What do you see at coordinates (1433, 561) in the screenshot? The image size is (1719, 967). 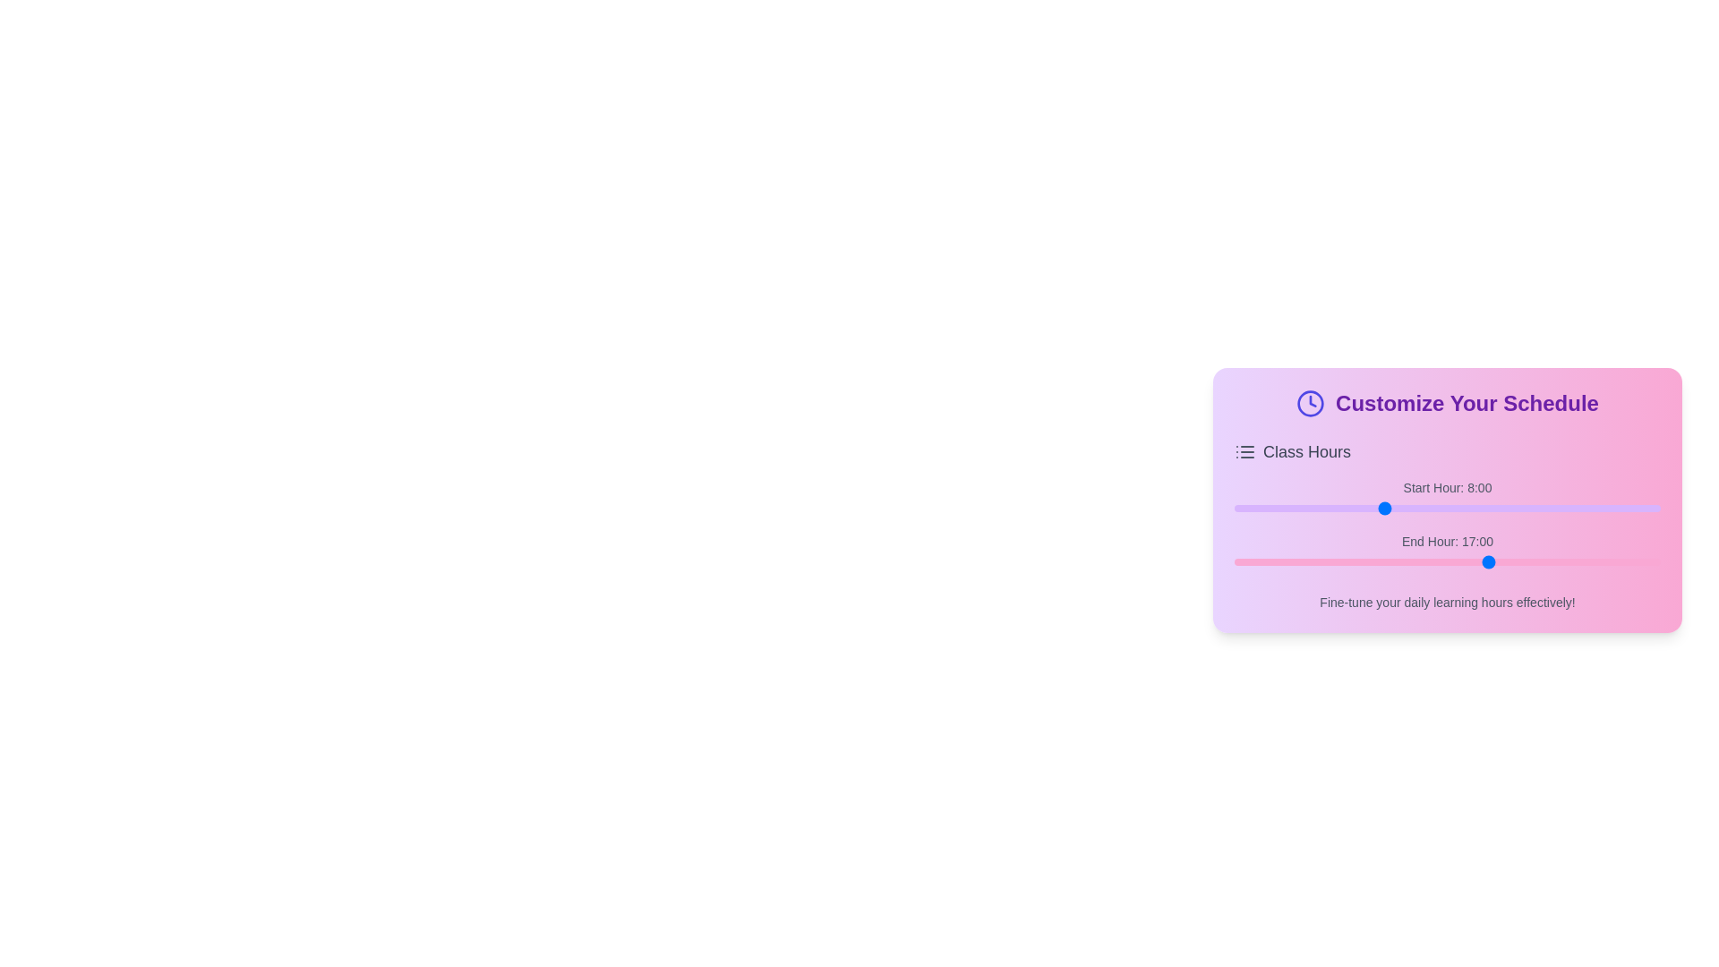 I see `the end hour slider to 15` at bounding box center [1433, 561].